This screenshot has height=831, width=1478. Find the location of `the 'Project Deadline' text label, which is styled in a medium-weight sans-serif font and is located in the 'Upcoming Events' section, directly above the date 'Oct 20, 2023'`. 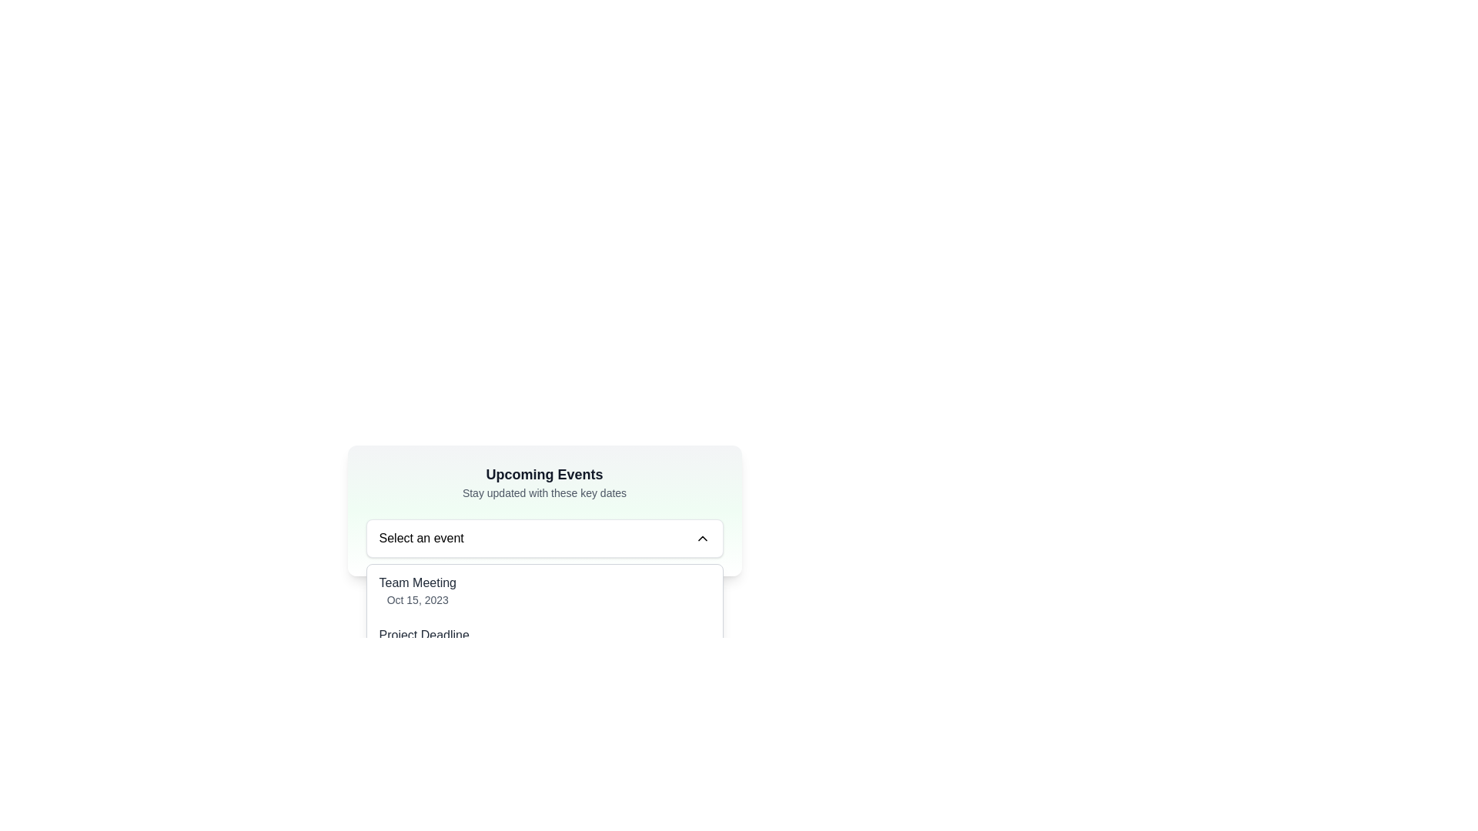

the 'Project Deadline' text label, which is styled in a medium-weight sans-serif font and is located in the 'Upcoming Events' section, directly above the date 'Oct 20, 2023' is located at coordinates (424, 635).